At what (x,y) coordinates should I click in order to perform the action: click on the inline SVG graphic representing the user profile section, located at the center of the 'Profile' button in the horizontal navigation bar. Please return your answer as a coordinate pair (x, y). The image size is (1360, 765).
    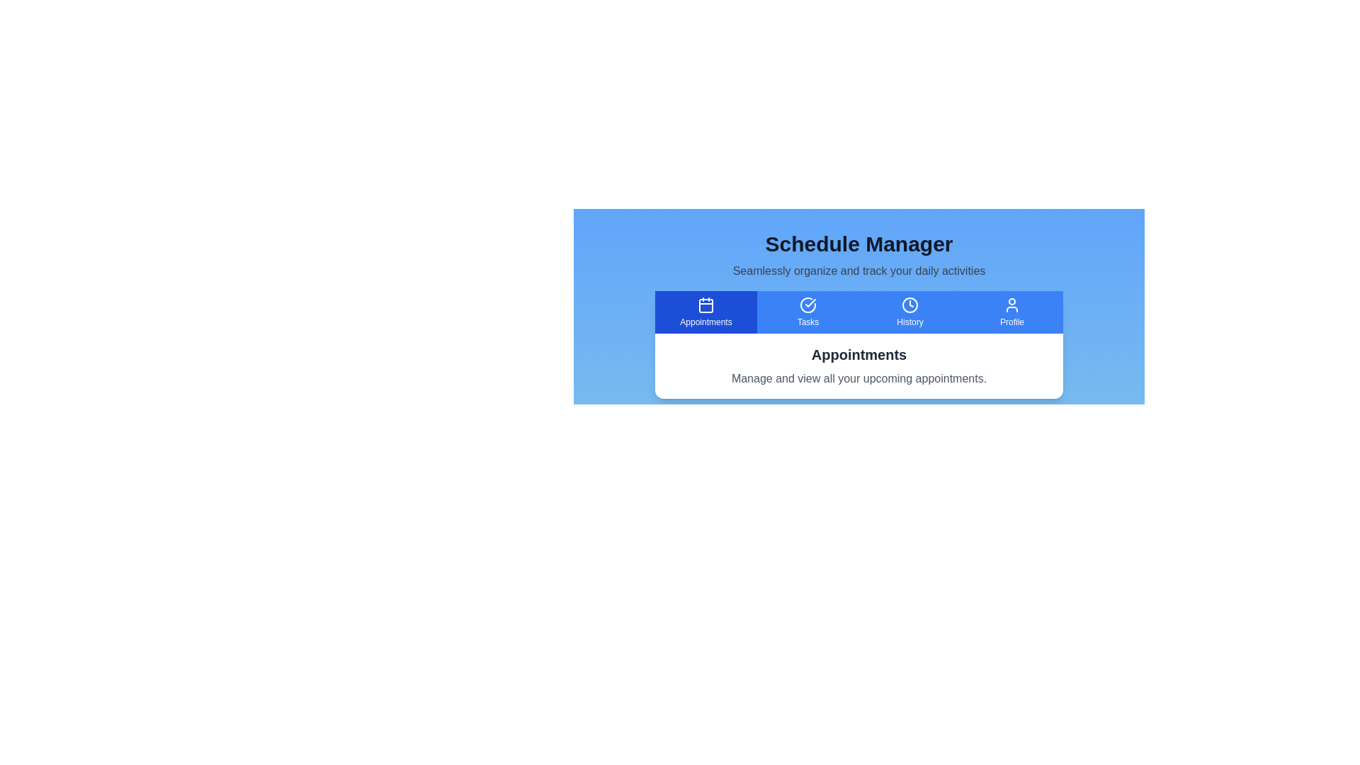
    Looking at the image, I should click on (1011, 305).